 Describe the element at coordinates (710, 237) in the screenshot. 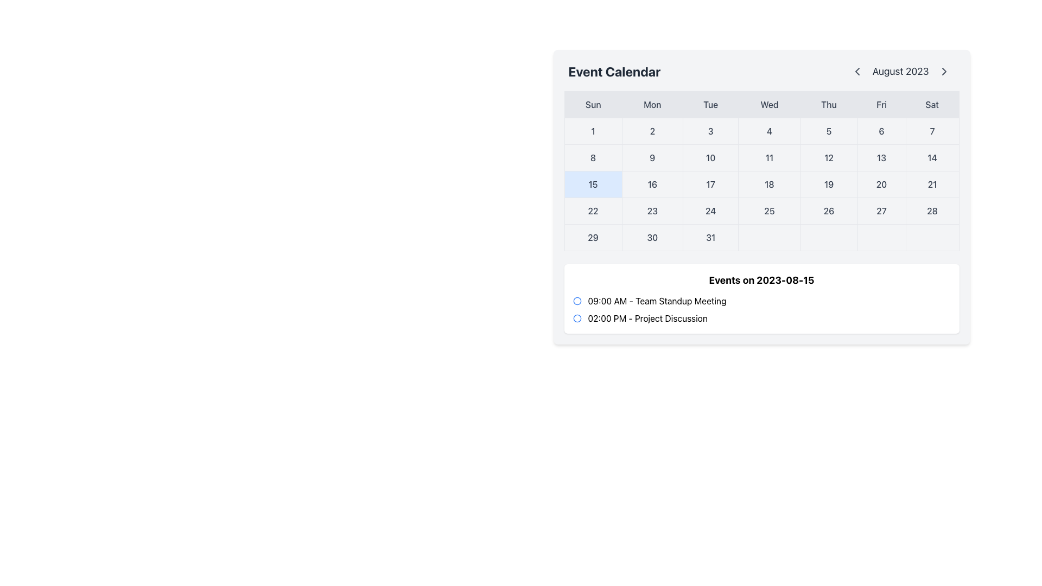

I see `the Day cell representing the date '31' in the calendar grid` at that location.